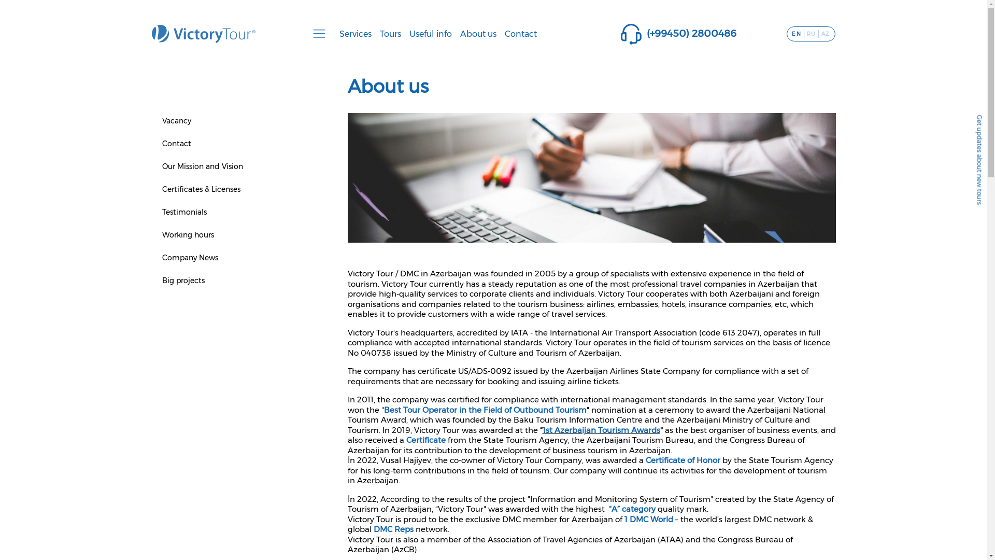  Describe the element at coordinates (201, 189) in the screenshot. I see `'Certificates & Licenses'` at that location.